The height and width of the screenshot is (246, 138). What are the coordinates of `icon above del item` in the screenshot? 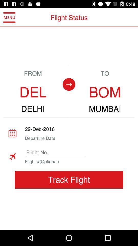 It's located at (9, 17).